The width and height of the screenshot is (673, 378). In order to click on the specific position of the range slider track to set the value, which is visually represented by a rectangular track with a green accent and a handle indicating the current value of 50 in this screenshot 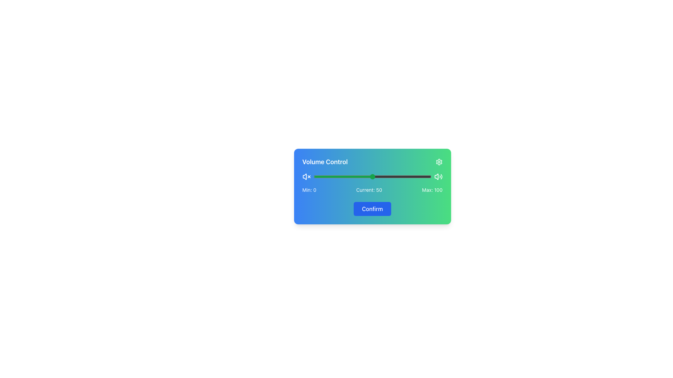, I will do `click(372, 176)`.